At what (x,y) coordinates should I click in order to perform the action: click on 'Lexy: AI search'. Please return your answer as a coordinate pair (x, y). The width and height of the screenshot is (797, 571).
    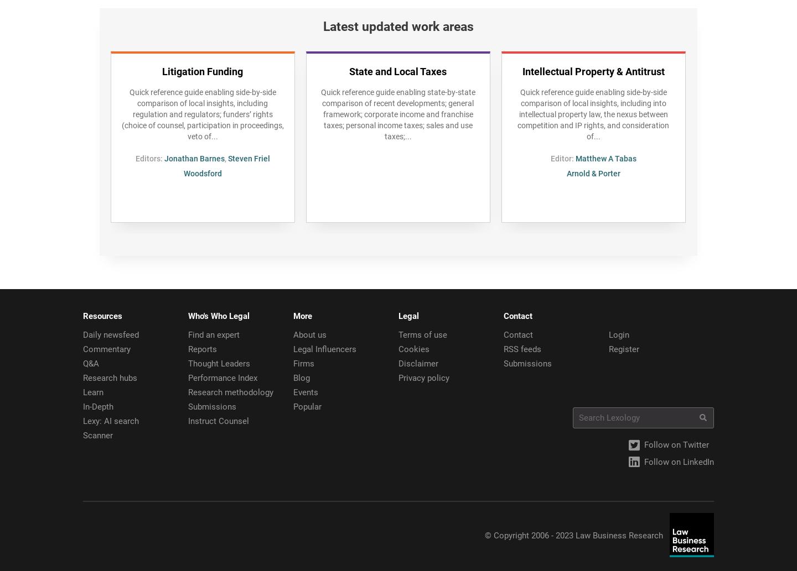
    Looking at the image, I should click on (111, 421).